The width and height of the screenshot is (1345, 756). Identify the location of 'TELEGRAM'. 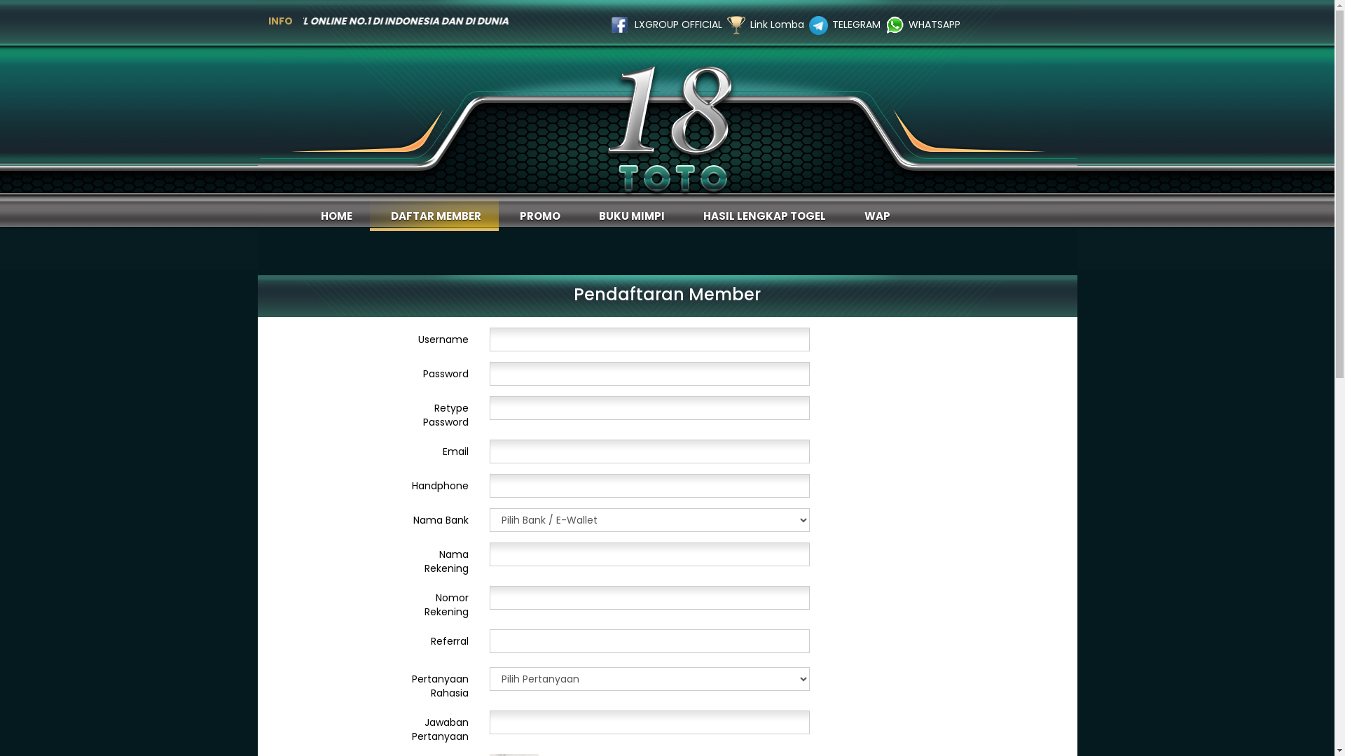
(855, 24).